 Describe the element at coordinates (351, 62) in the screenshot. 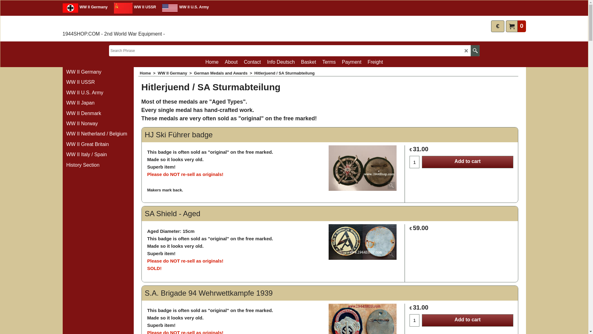

I see `'Payment'` at that location.